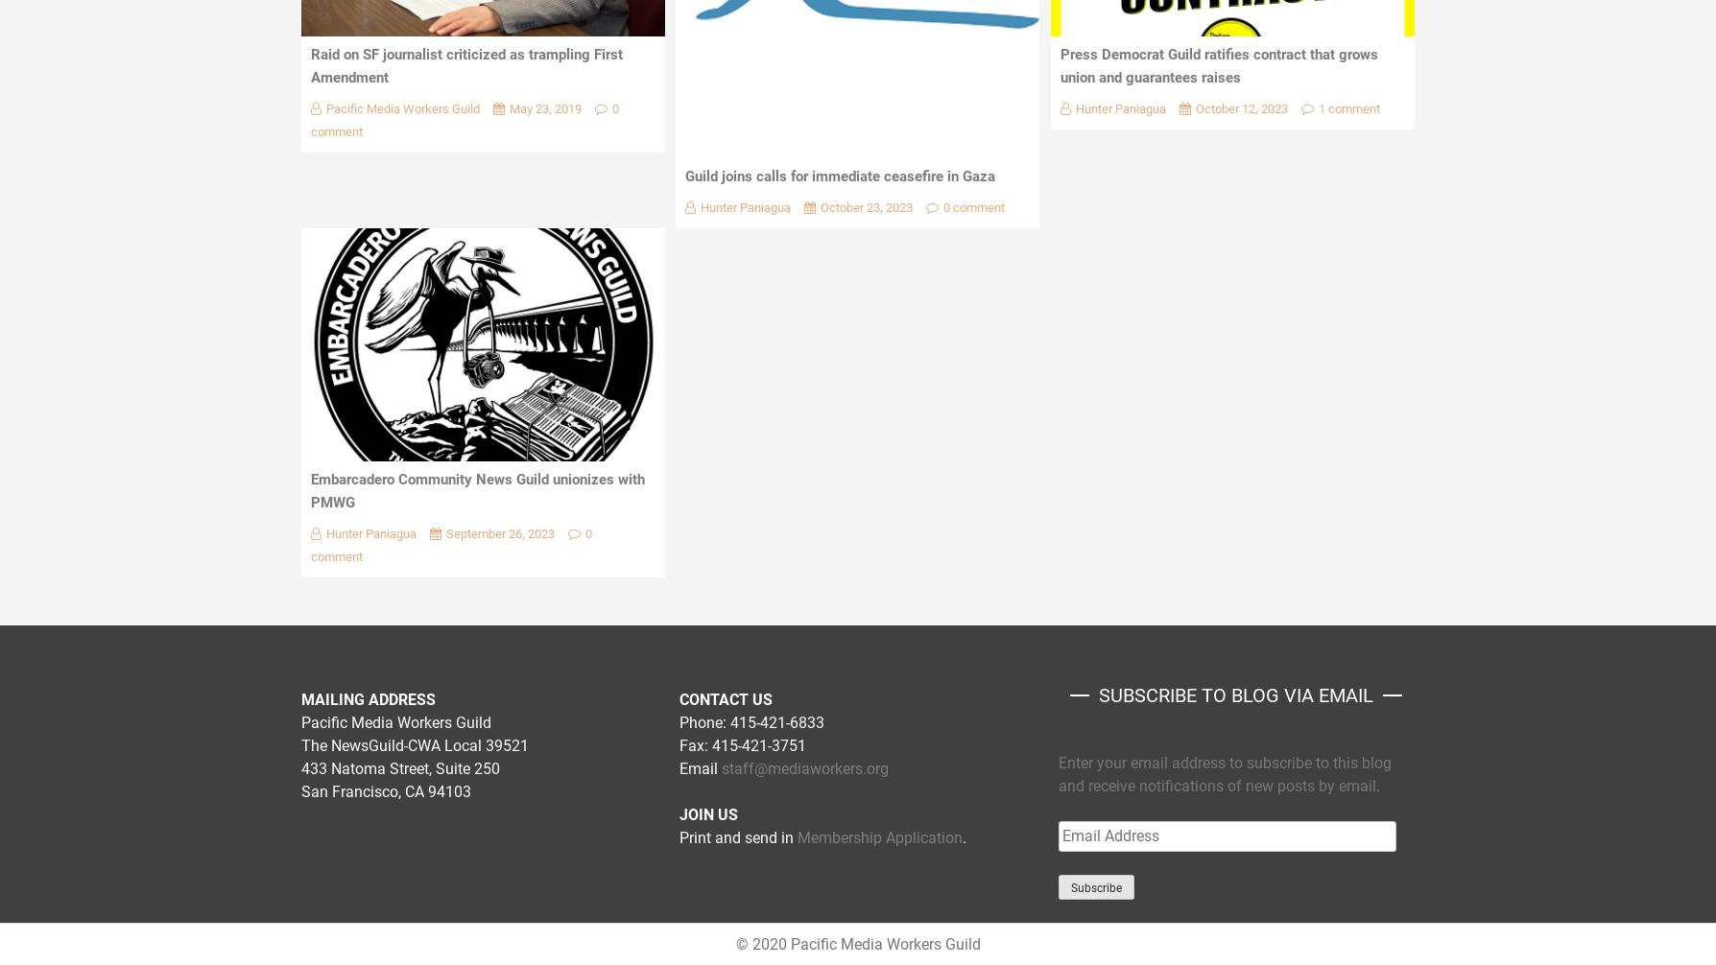  Describe the element at coordinates (856, 943) in the screenshot. I see `'© 2020 Pacific Media Workers Guild'` at that location.